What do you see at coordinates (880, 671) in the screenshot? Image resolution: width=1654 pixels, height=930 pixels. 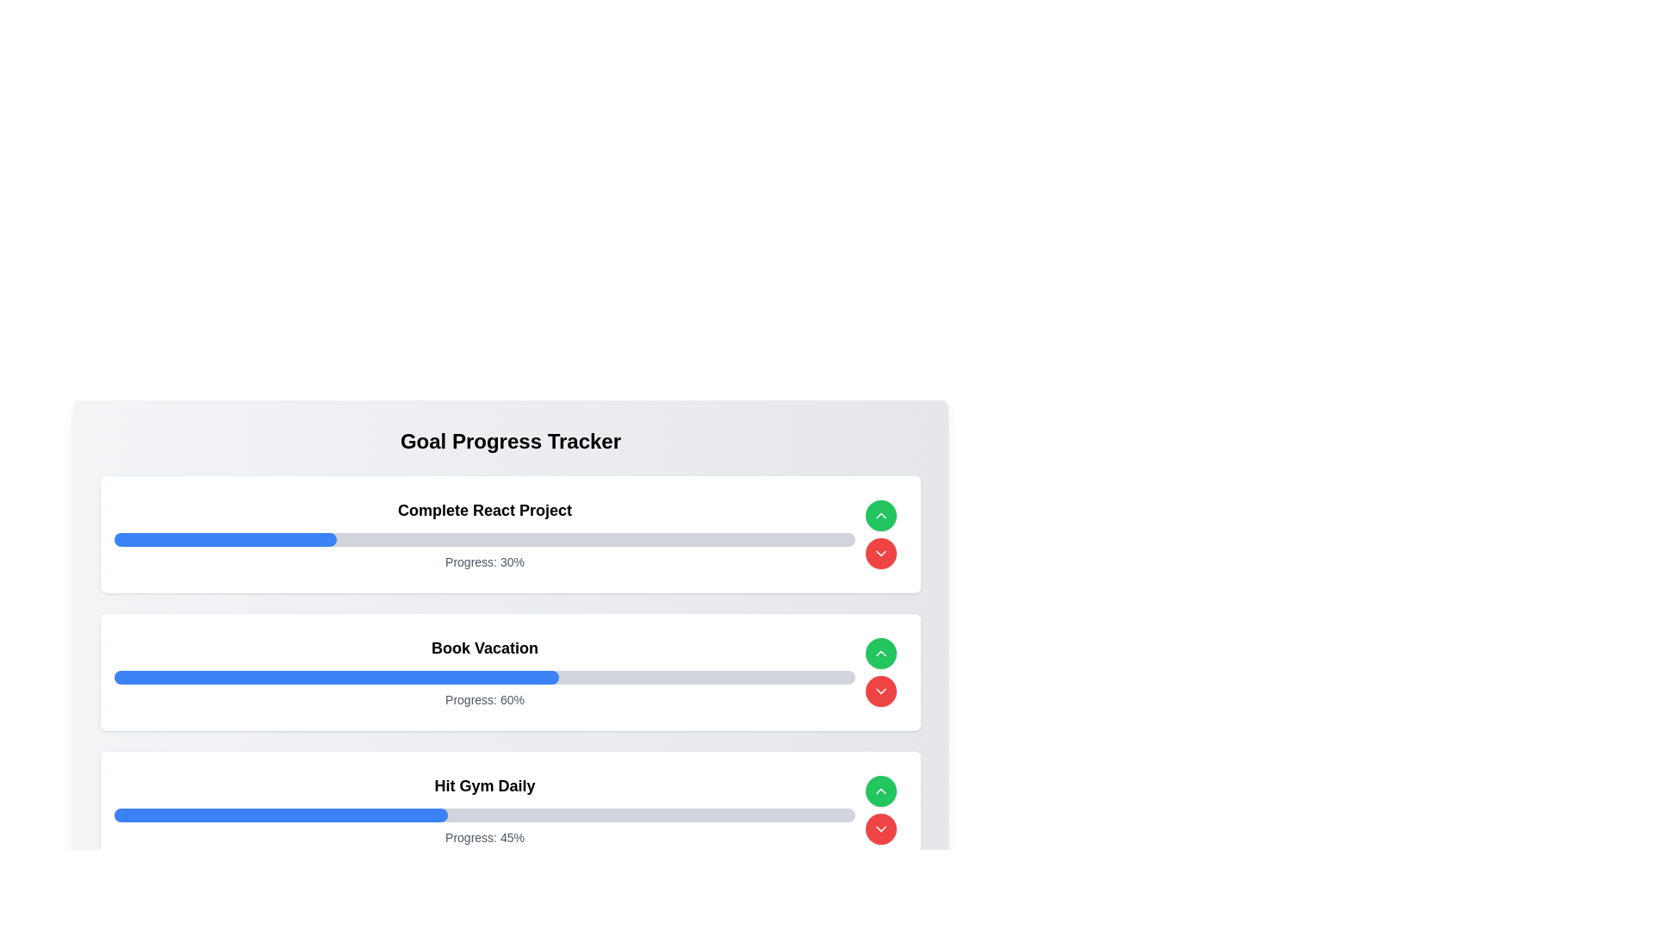 I see `the green upvote button in the vertical button stack with chevron icons located on the right side of the 'Book Vacation - Progress: 60%' card` at bounding box center [880, 671].